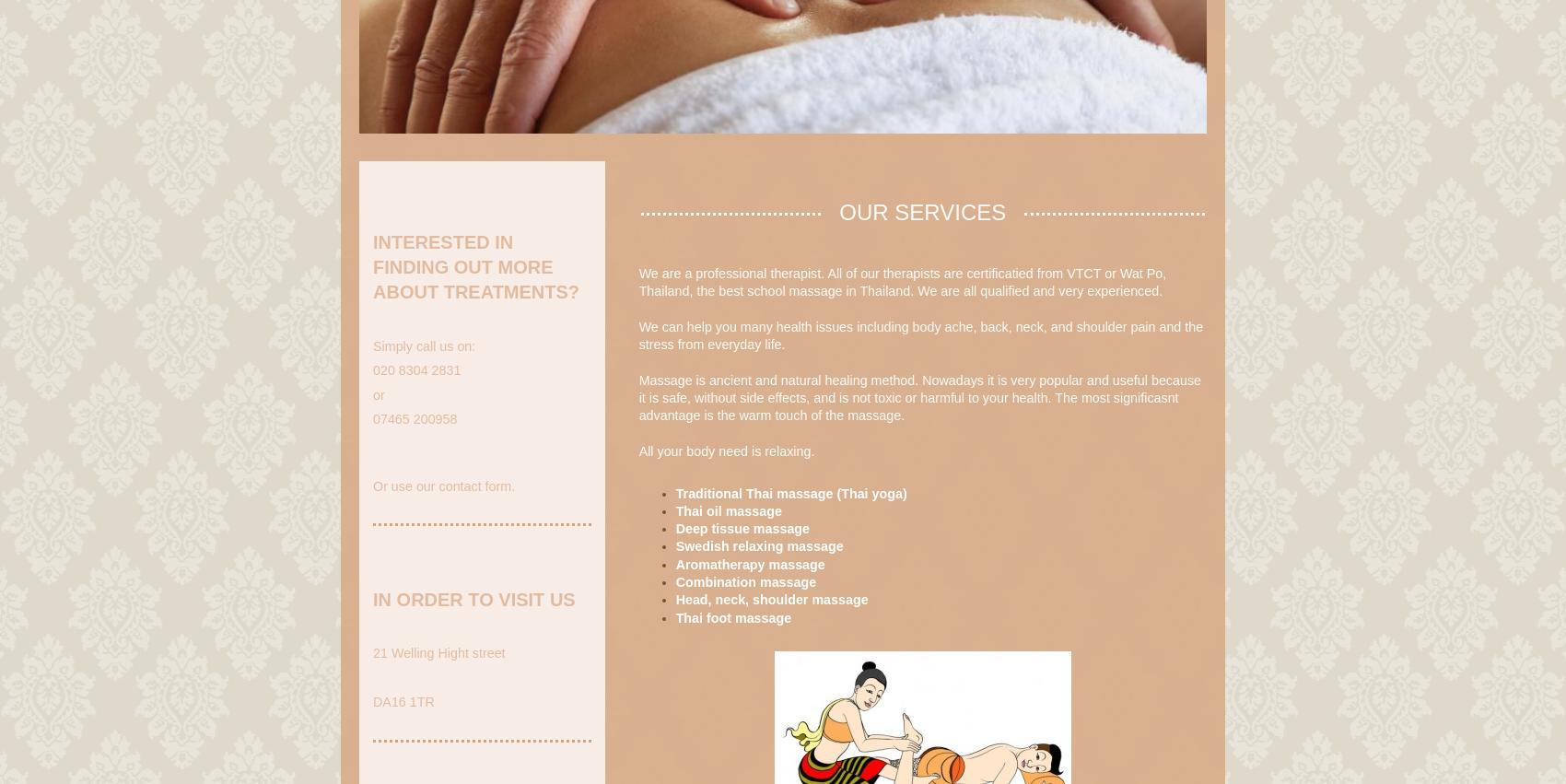  I want to click on 'Combination massage', so click(744, 581).